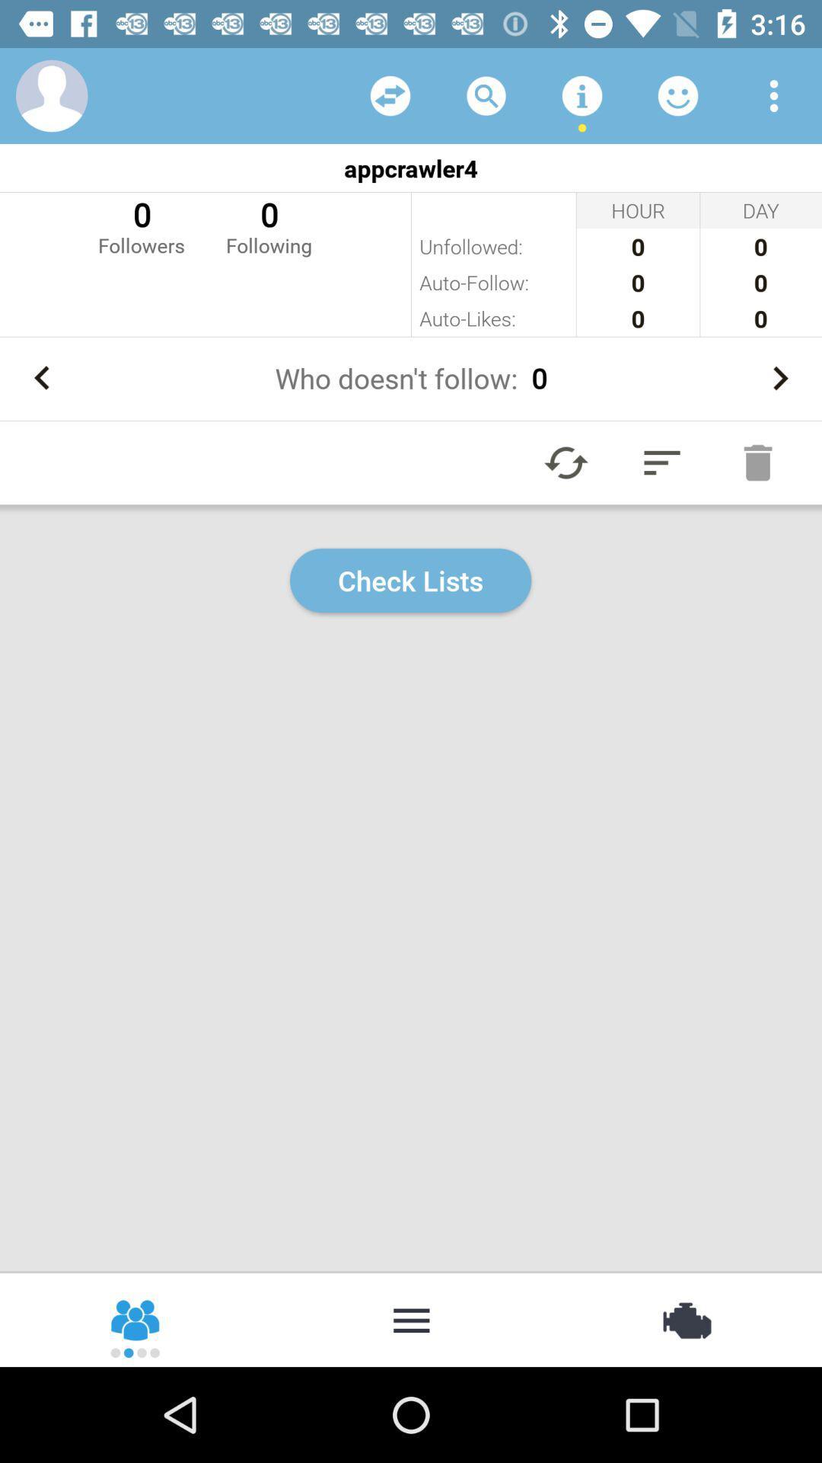 The image size is (822, 1463). I want to click on the more icon, so click(411, 1318).